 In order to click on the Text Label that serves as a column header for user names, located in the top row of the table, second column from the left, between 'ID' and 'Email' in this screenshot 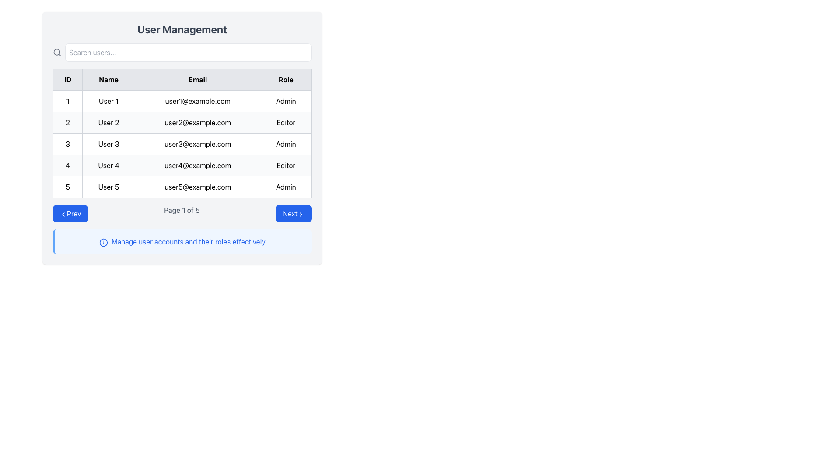, I will do `click(108, 79)`.